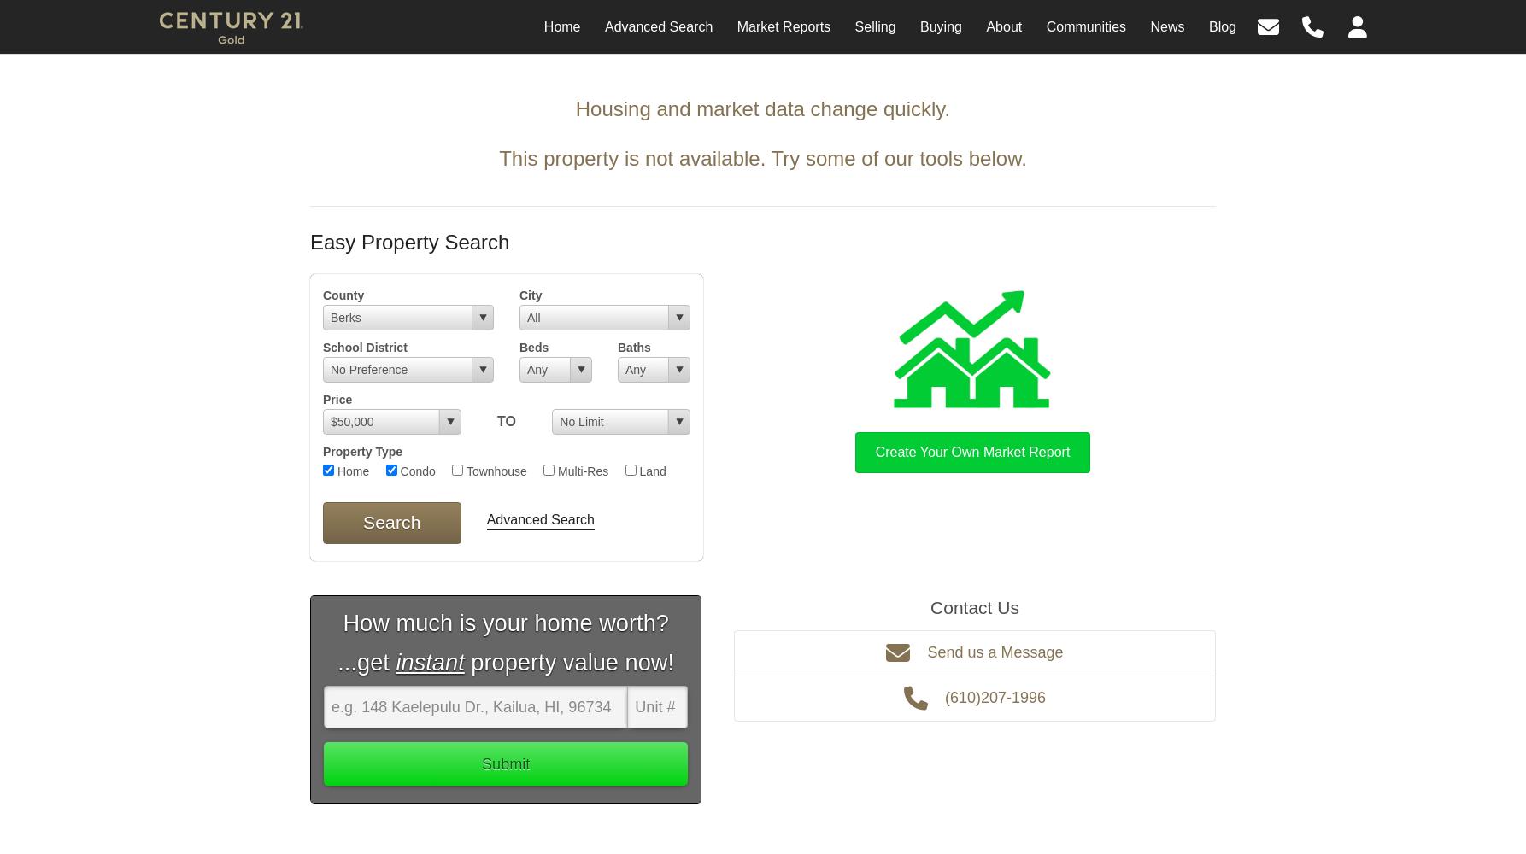 Image resolution: width=1526 pixels, height=854 pixels. I want to click on 'Multi-Res', so click(581, 471).